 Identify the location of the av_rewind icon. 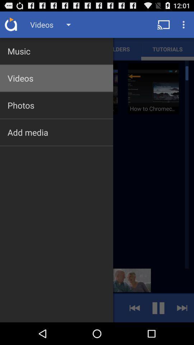
(134, 330).